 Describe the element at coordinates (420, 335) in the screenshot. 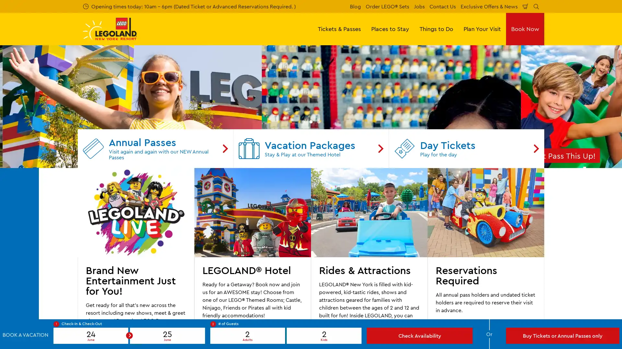

I see `Check Availability` at that location.